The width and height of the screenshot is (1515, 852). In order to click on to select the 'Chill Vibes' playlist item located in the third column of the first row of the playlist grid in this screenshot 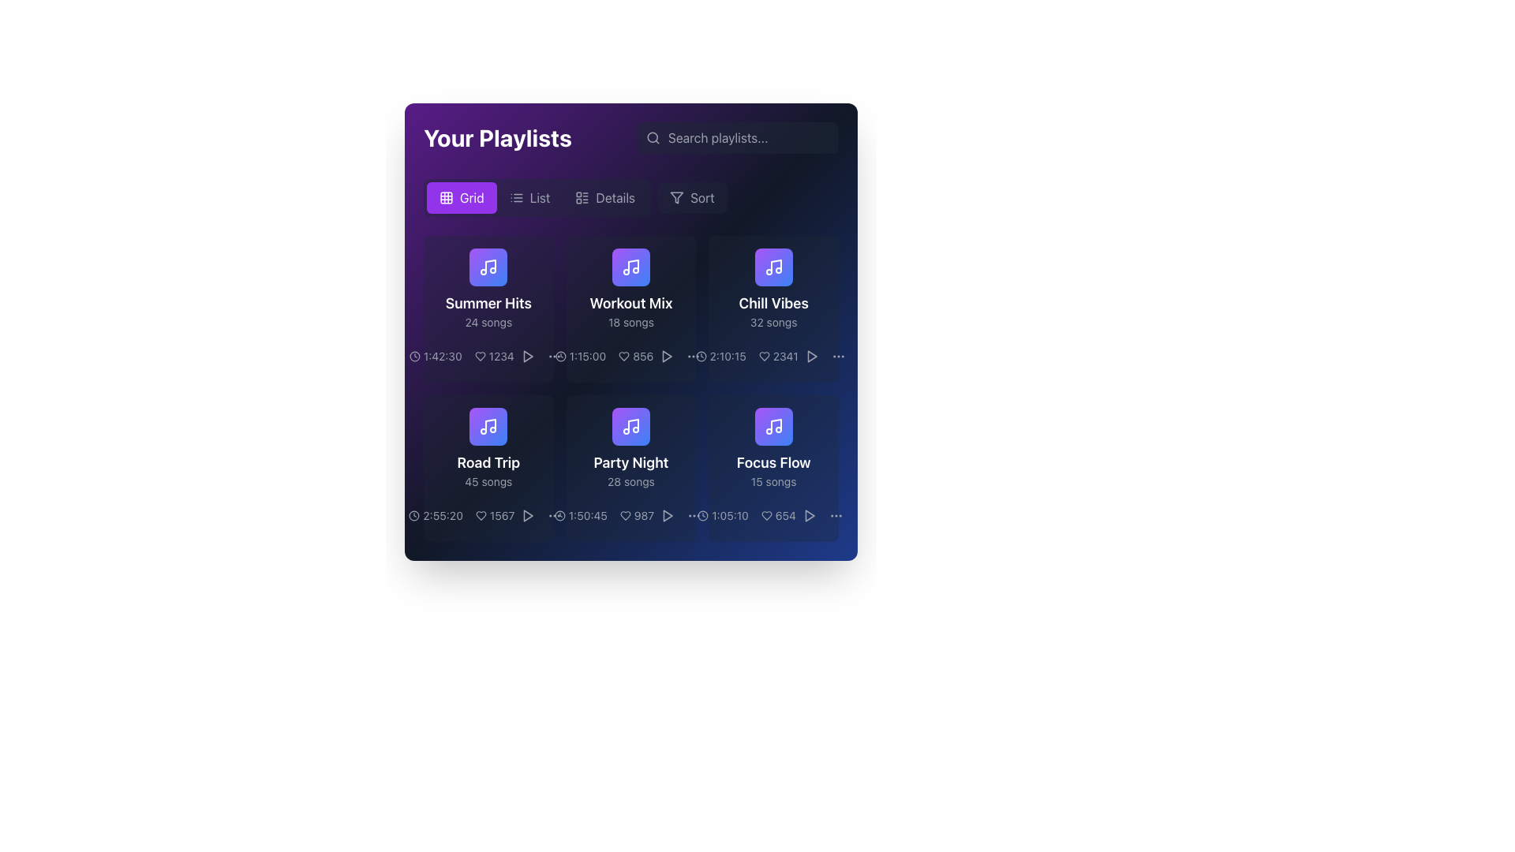, I will do `click(773, 309)`.